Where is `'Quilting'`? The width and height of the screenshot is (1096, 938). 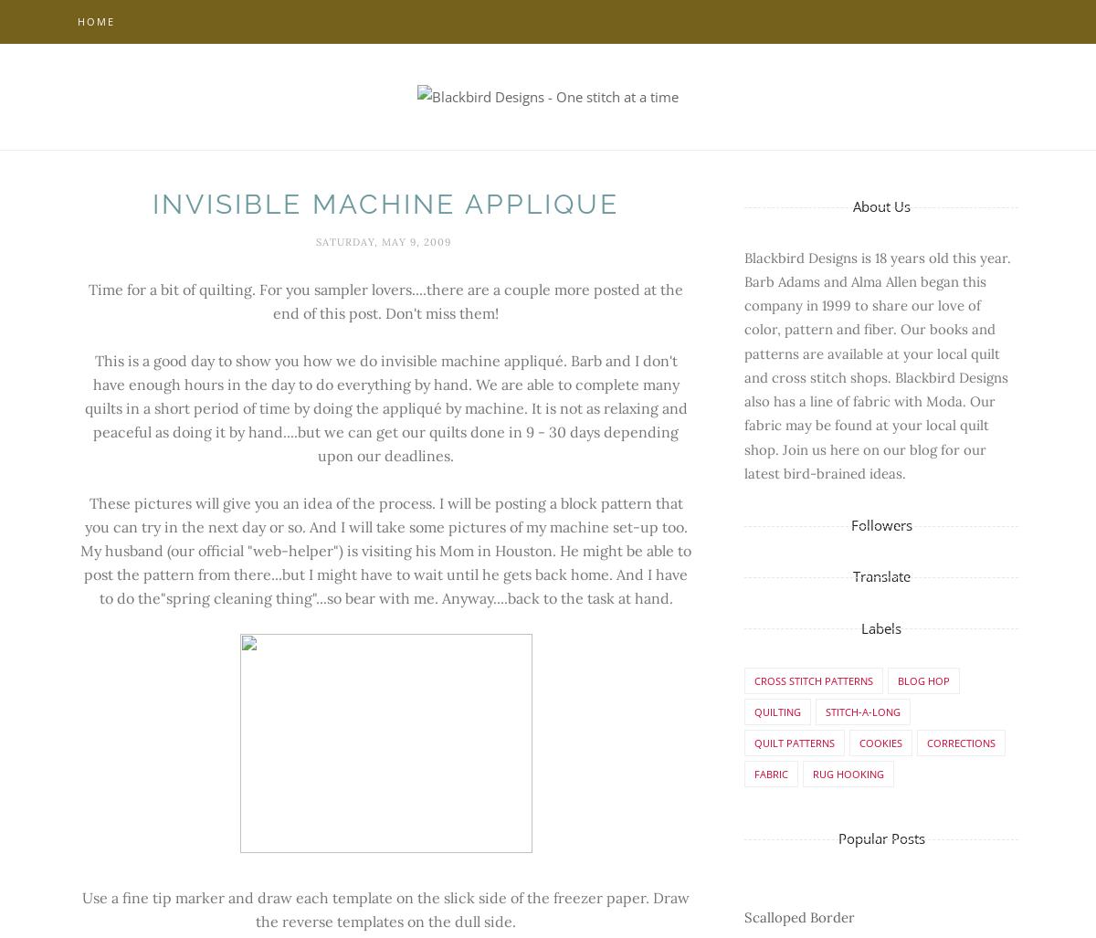 'Quilting' is located at coordinates (753, 710).